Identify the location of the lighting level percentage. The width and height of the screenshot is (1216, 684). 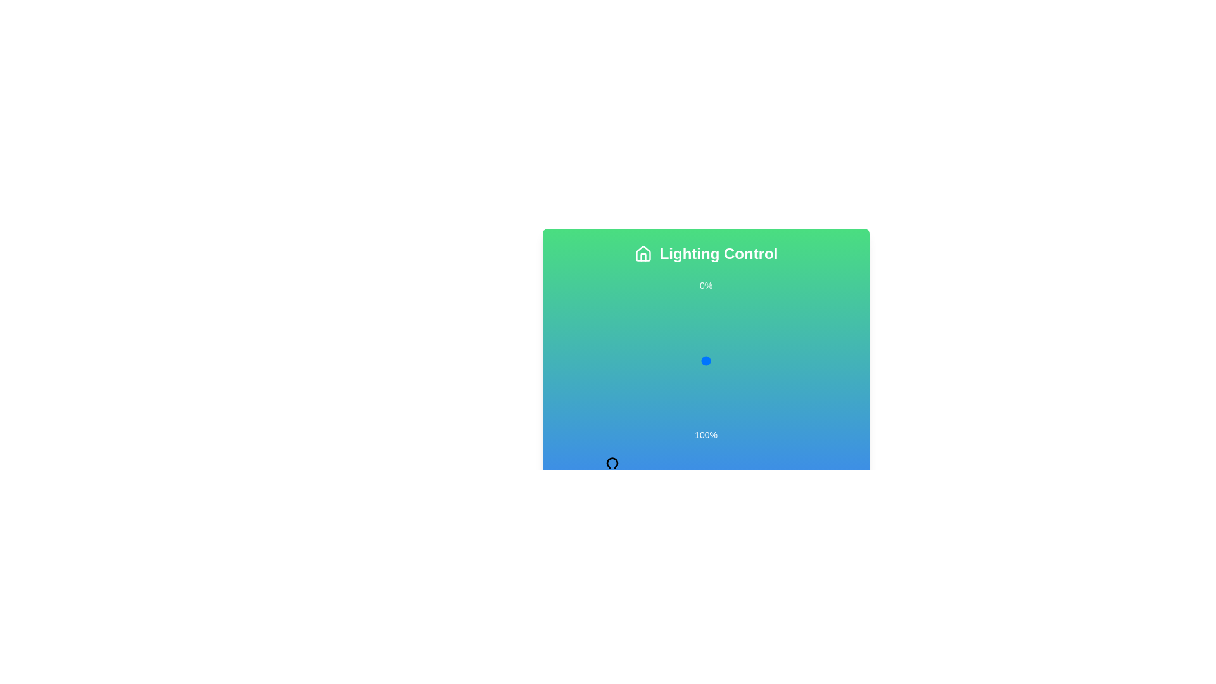
(694, 360).